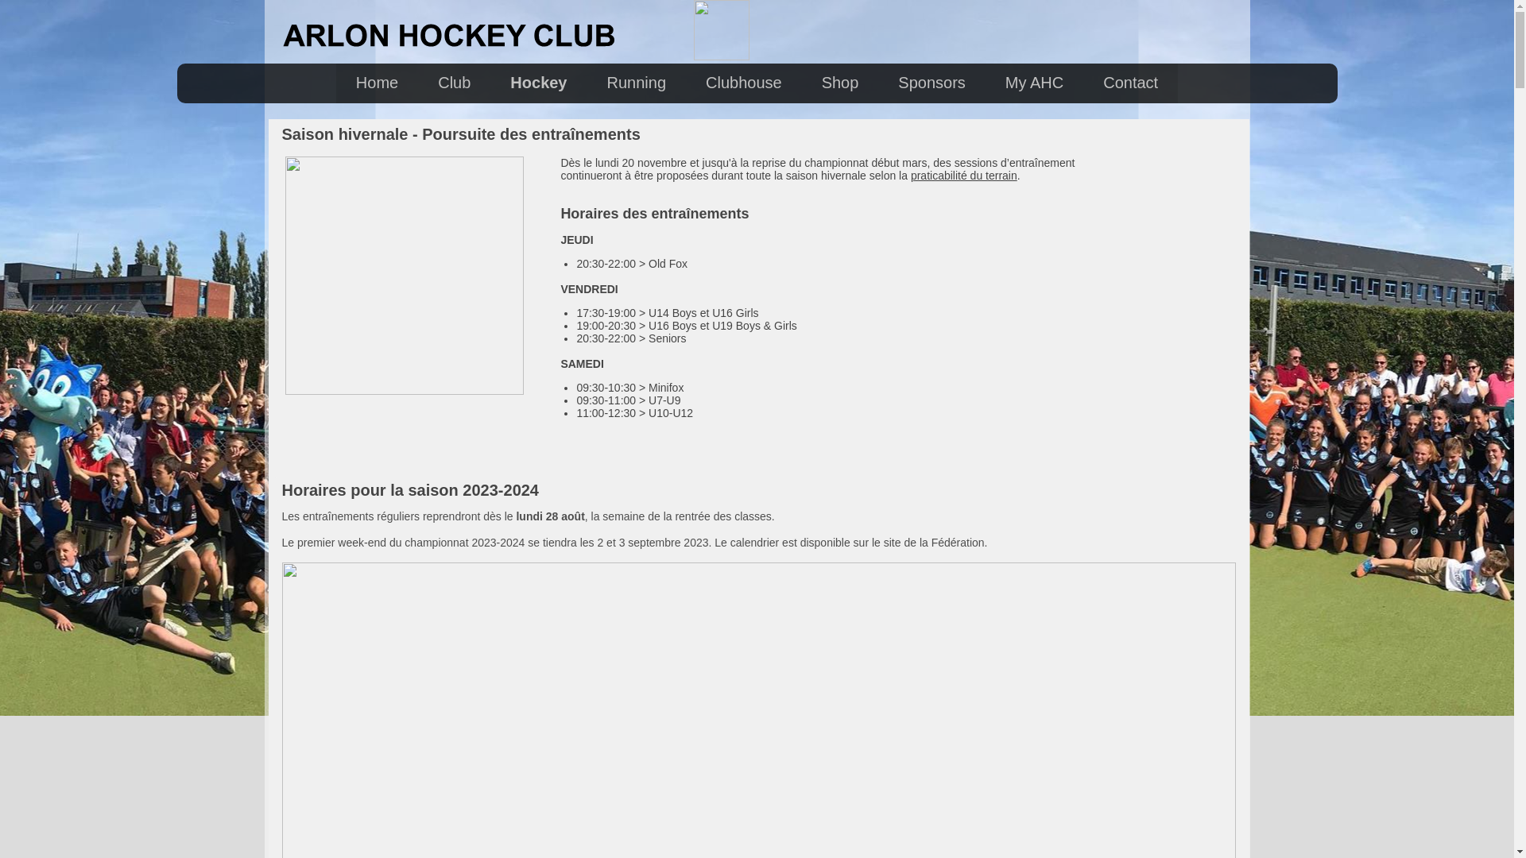 This screenshot has height=858, width=1526. What do you see at coordinates (1129, 83) in the screenshot?
I see `'Contact'` at bounding box center [1129, 83].